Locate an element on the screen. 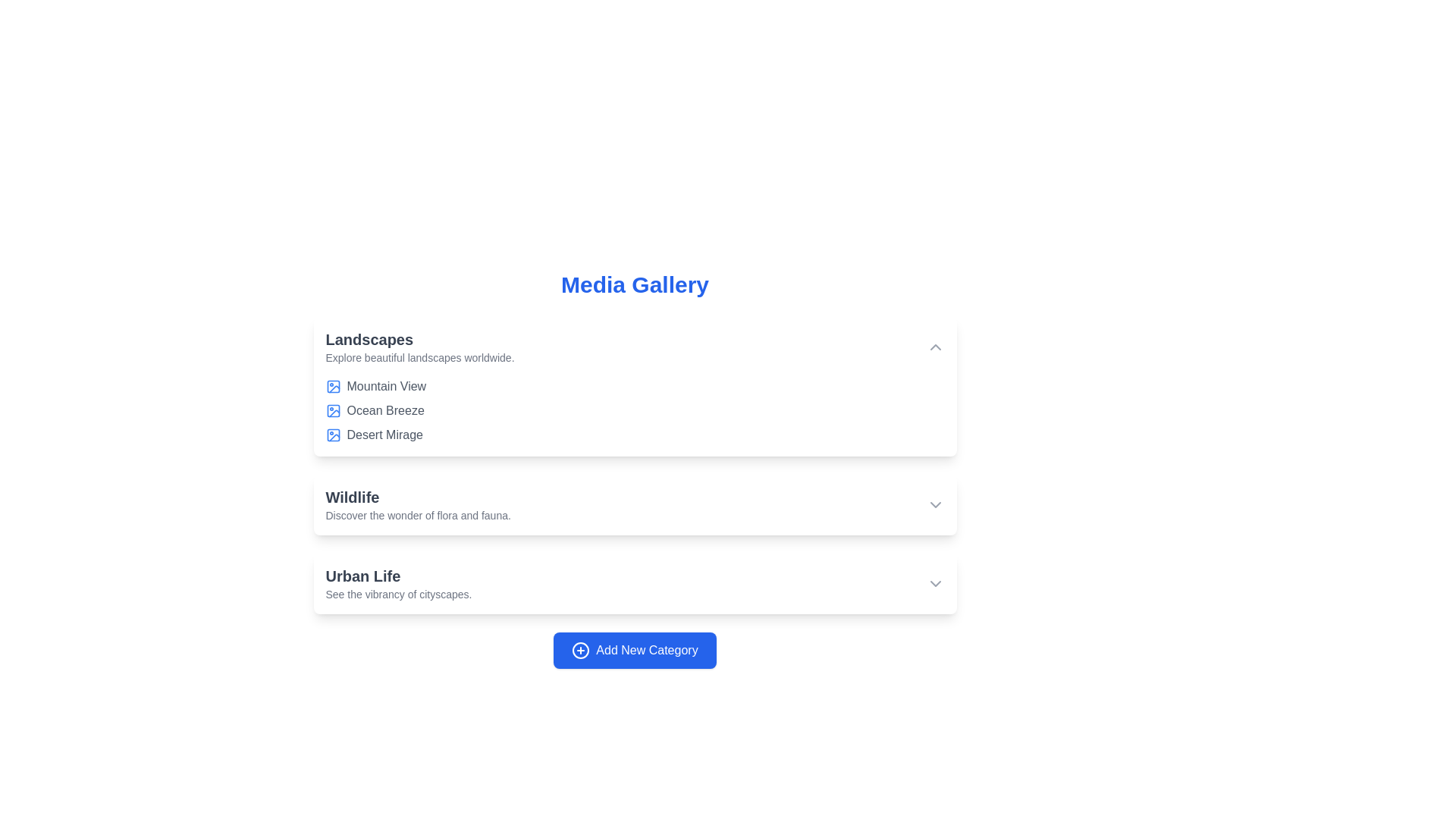  'Add New Category' button is located at coordinates (635, 649).